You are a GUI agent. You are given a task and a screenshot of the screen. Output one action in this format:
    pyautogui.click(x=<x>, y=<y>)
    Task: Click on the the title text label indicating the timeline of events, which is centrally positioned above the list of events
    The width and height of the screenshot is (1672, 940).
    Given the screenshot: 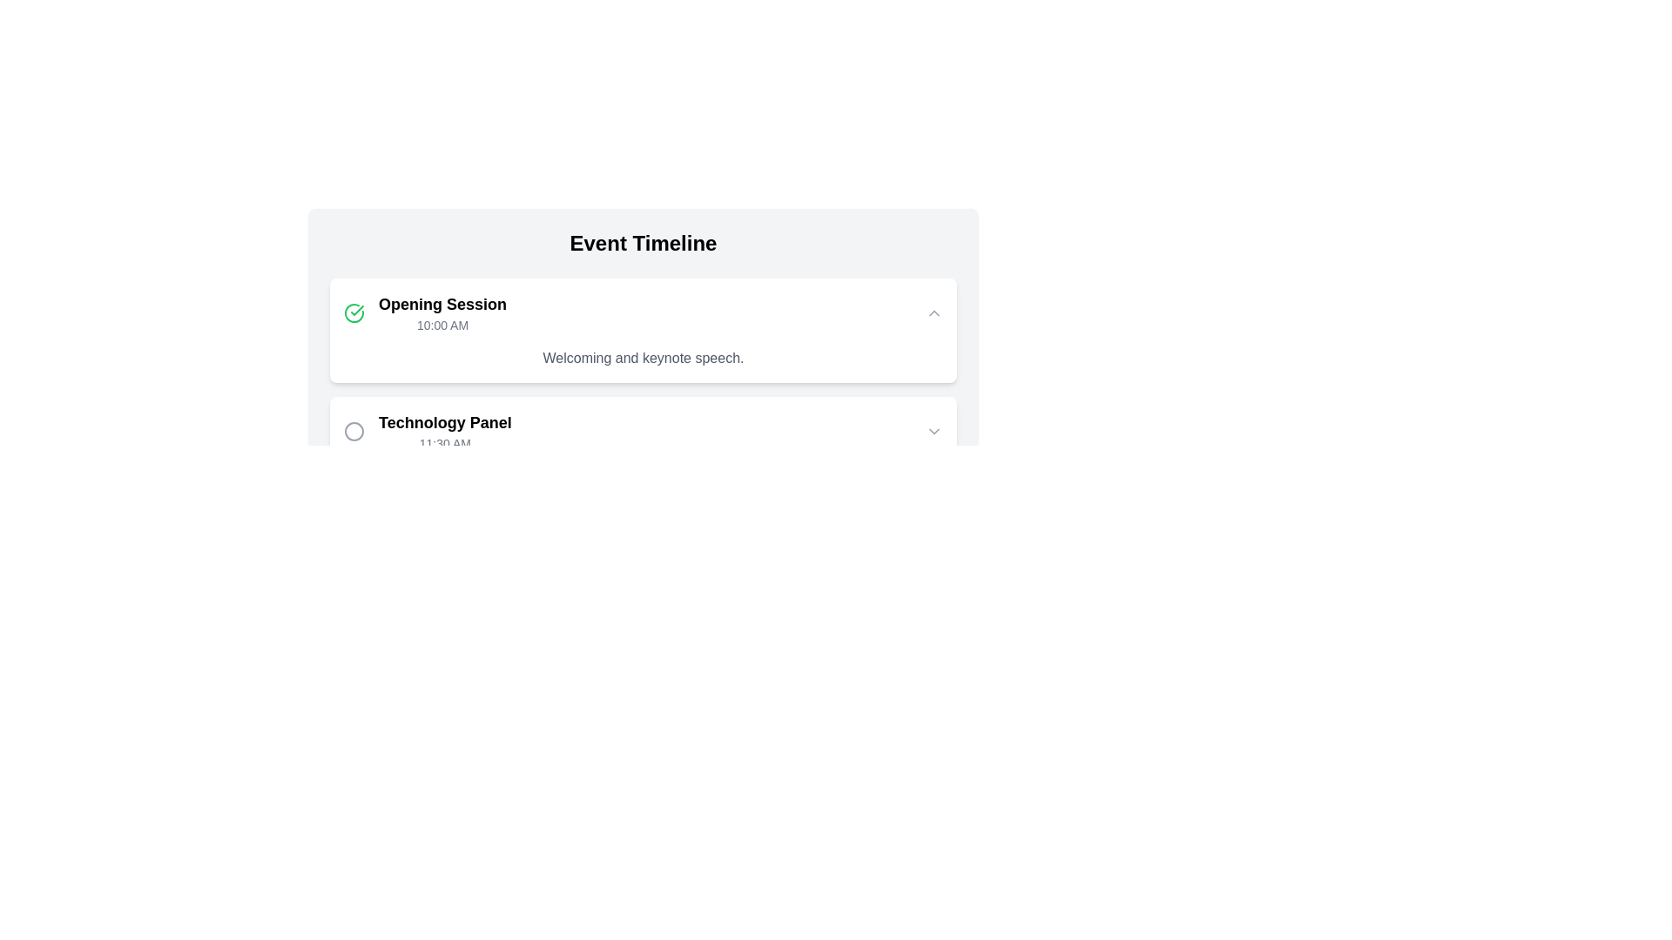 What is the action you would take?
    pyautogui.click(x=643, y=244)
    